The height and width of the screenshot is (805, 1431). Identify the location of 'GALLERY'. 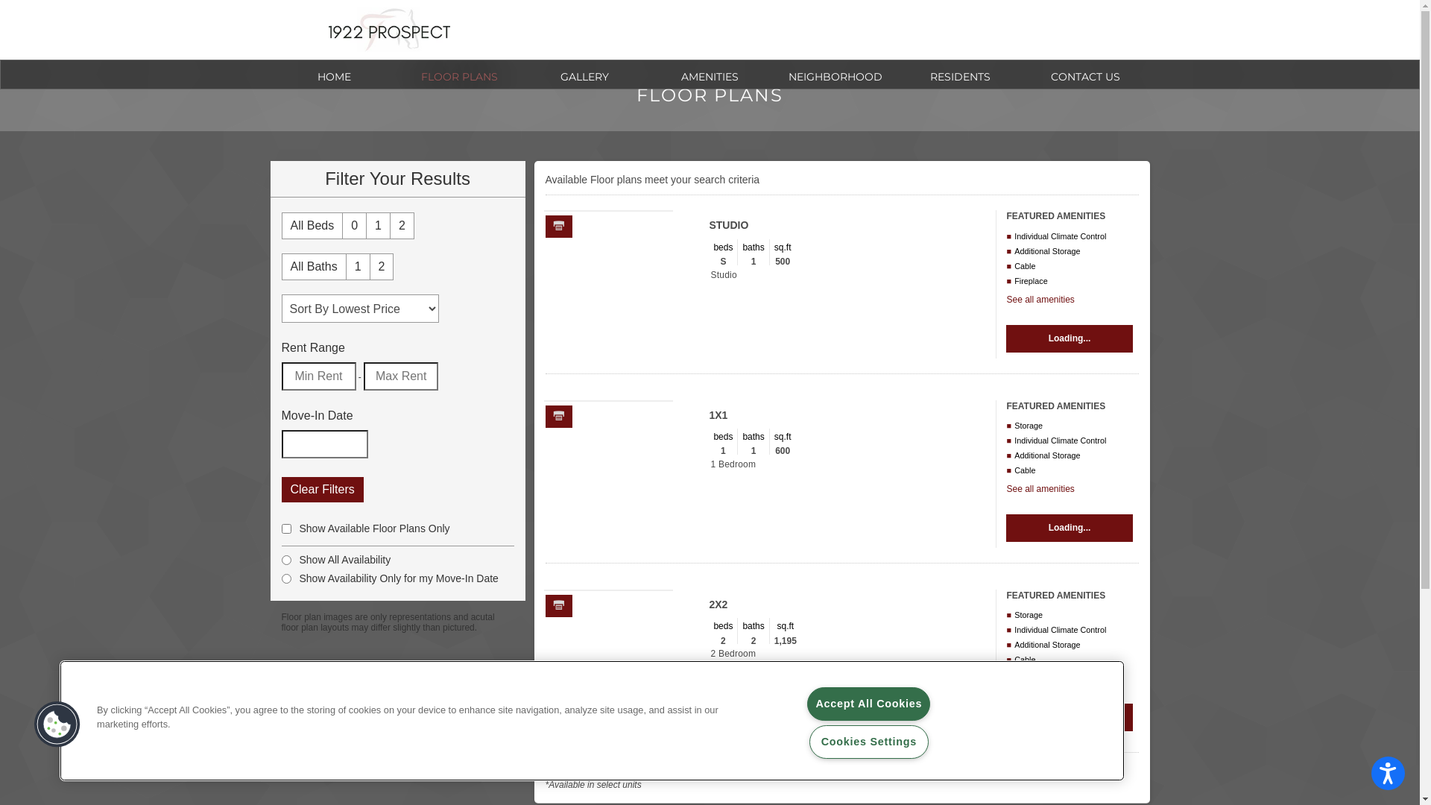
(583, 75).